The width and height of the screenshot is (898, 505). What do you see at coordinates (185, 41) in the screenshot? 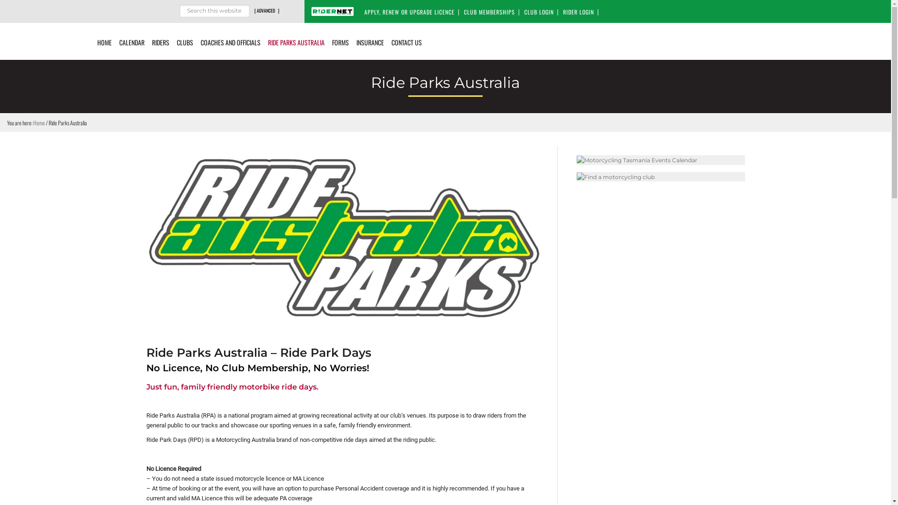
I see `'CLUBS'` at bounding box center [185, 41].